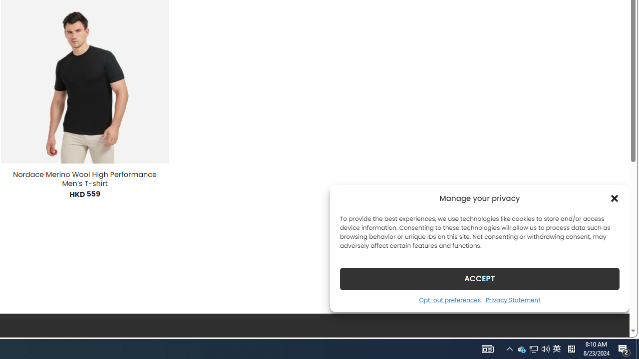  Describe the element at coordinates (449, 299) in the screenshot. I see `'Opt-out preferences'` at that location.